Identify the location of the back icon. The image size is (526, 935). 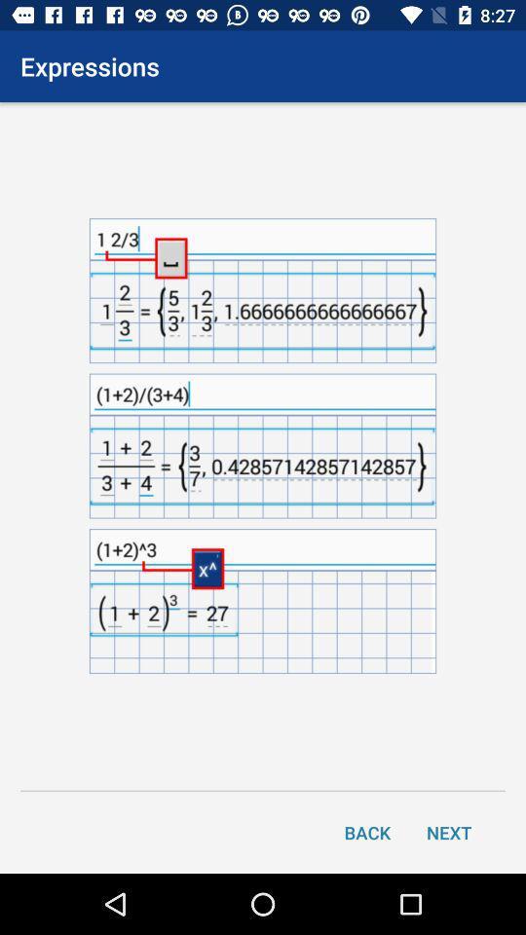
(367, 831).